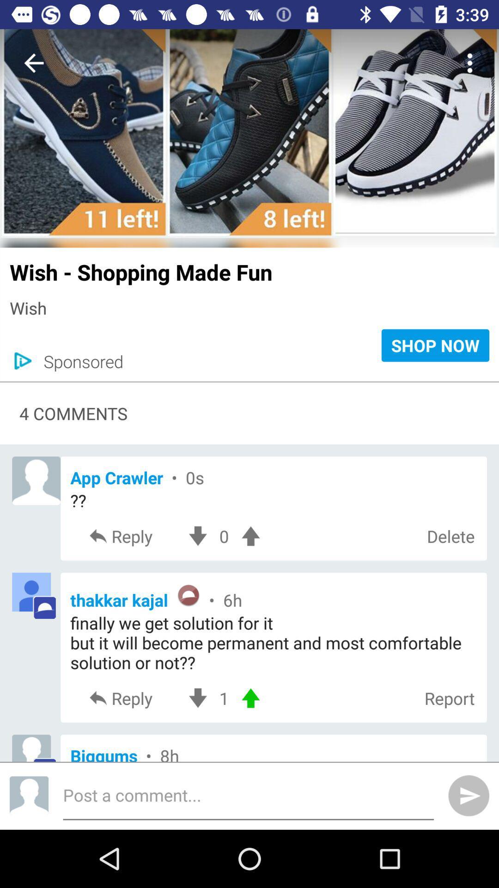 This screenshot has height=888, width=499. I want to click on the sponsored icon, so click(78, 361).